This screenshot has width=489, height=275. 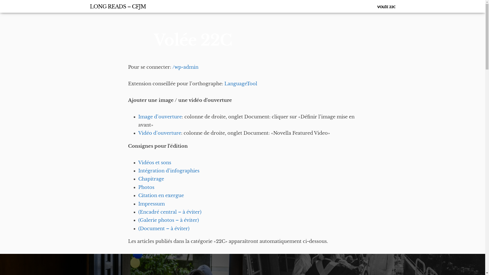 What do you see at coordinates (161, 195) in the screenshot?
I see `'Citation en exergue '` at bounding box center [161, 195].